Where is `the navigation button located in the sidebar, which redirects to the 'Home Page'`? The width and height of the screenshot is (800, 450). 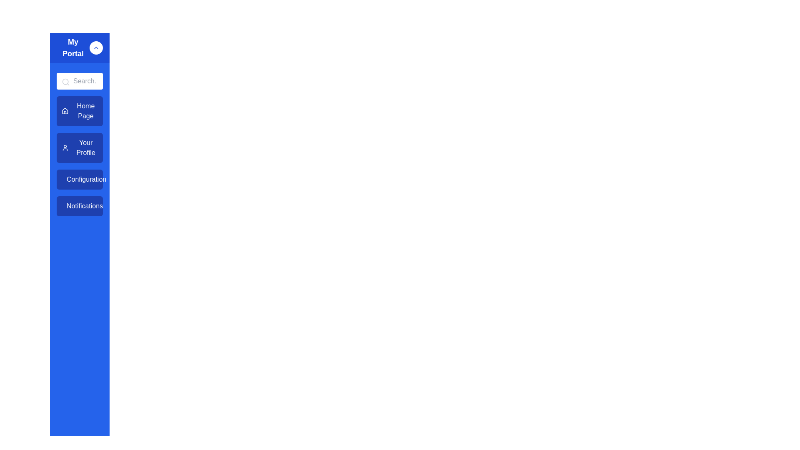
the navigation button located in the sidebar, which redirects to the 'Home Page' is located at coordinates (80, 110).